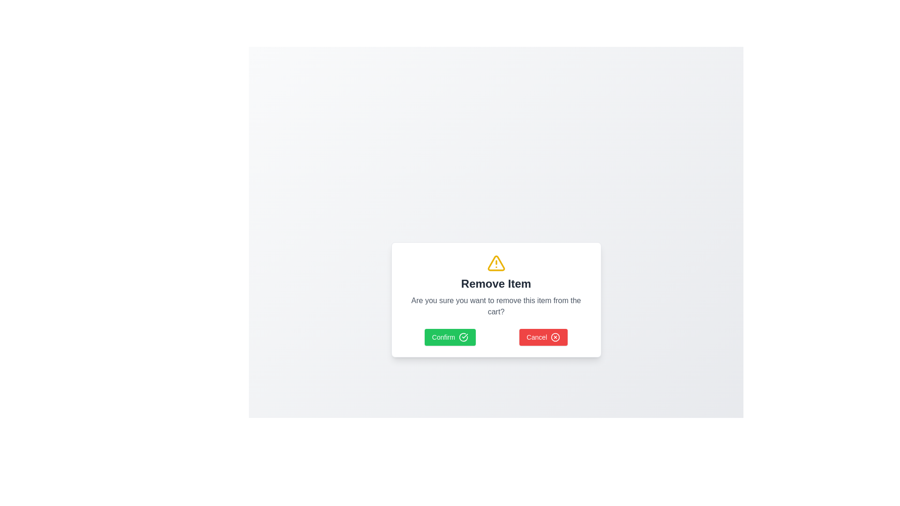 The width and height of the screenshot is (900, 506). I want to click on the red 'Cancel' button with rounded corners located to the right of the green 'Confirm' button in the confirmation dialog box, so click(543, 337).